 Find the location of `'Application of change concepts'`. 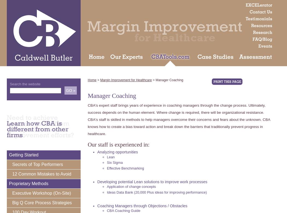

'Application of change concepts' is located at coordinates (131, 186).